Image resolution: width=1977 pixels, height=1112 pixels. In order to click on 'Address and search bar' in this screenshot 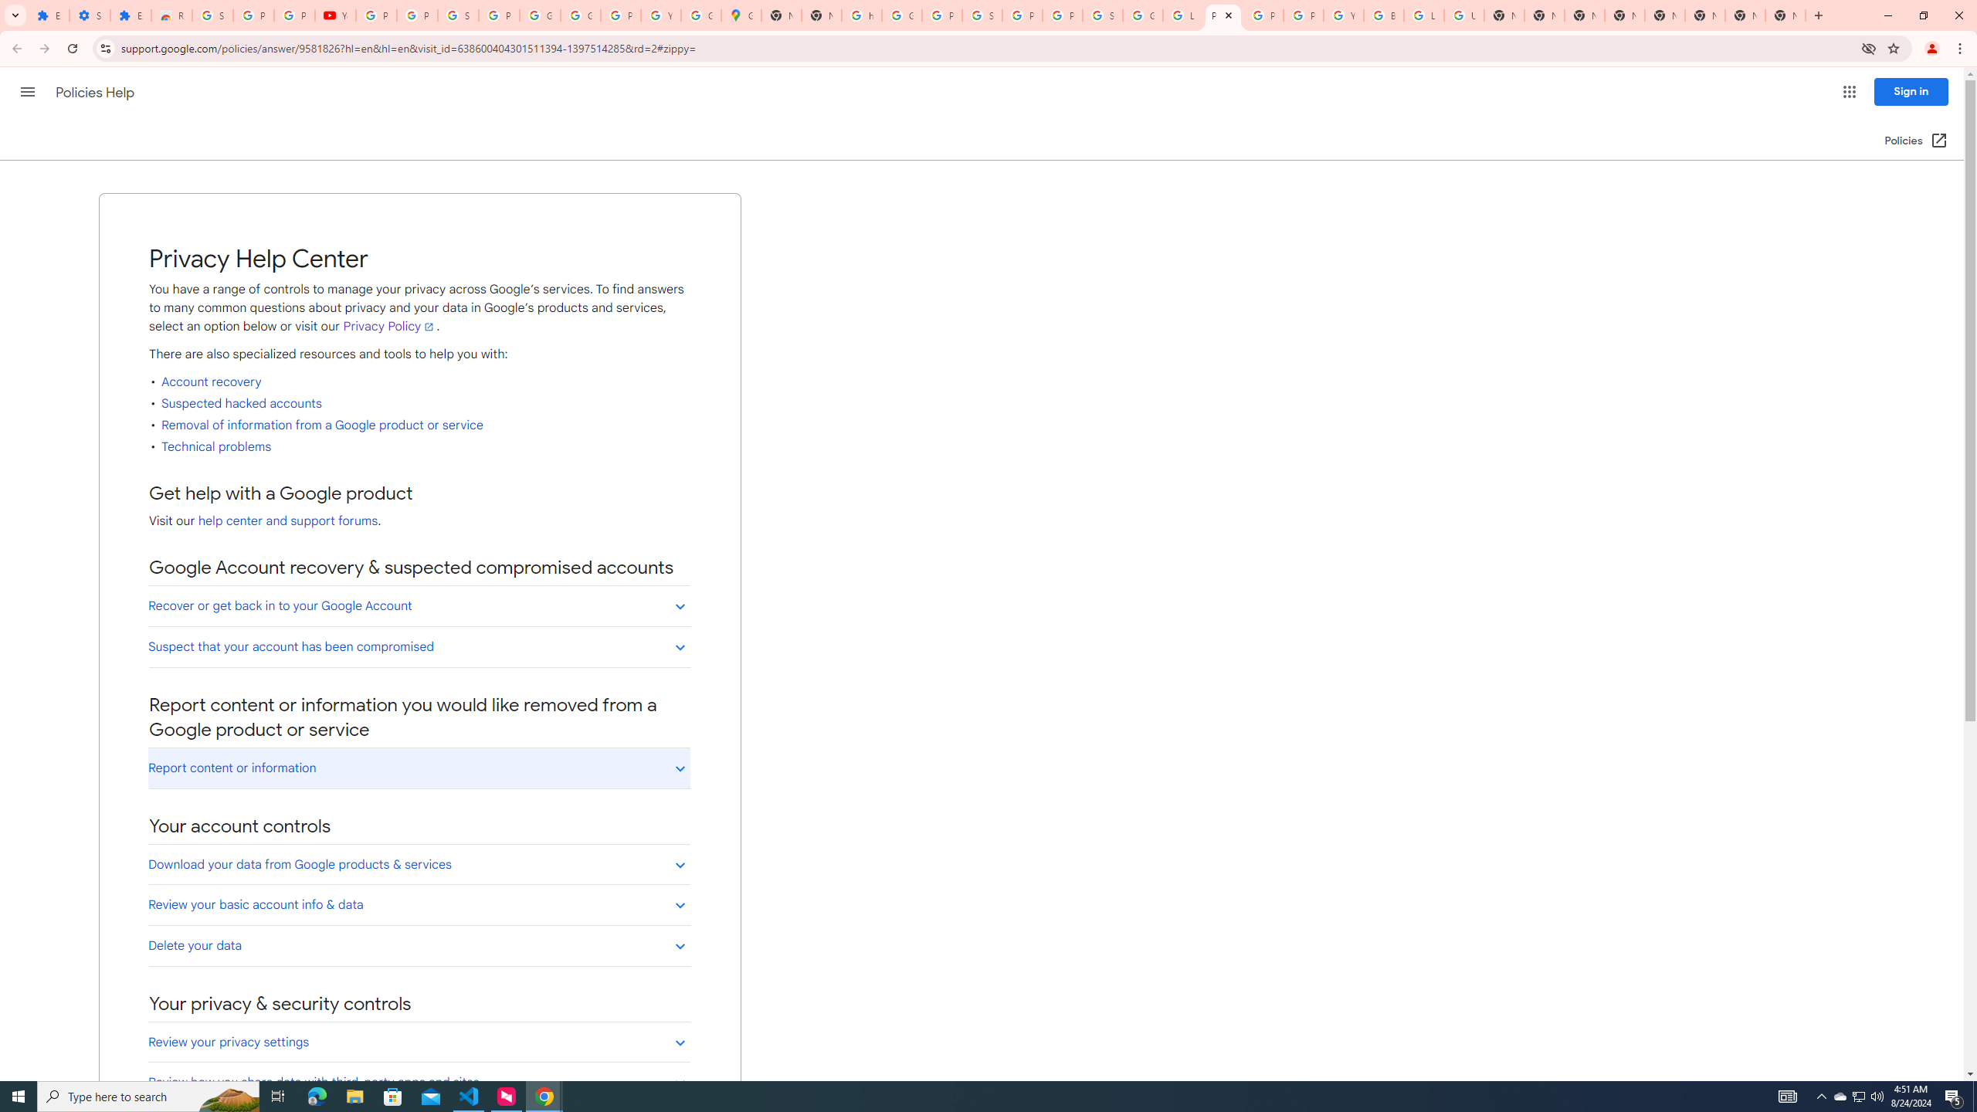, I will do `click(986, 47)`.